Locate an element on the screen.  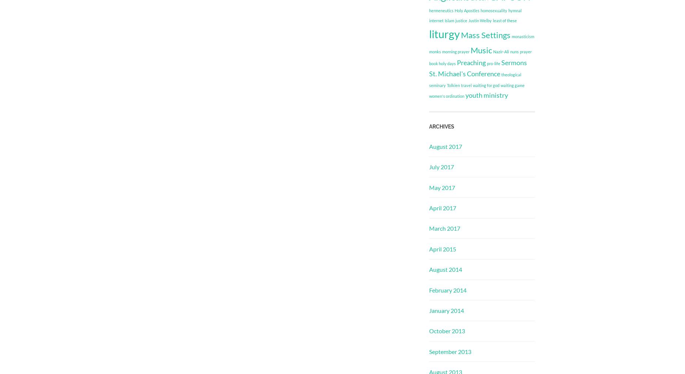
'nuns' is located at coordinates (514, 51).